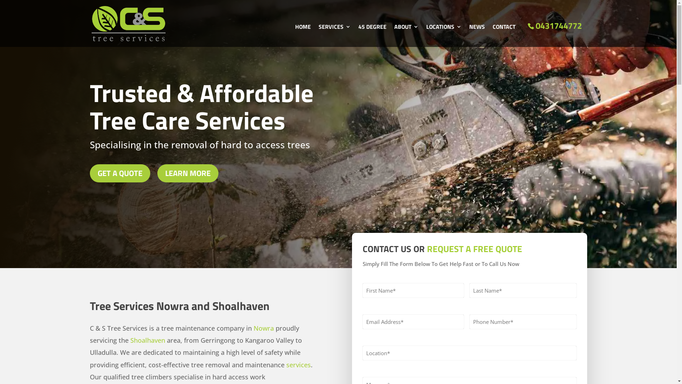 The image size is (682, 384). I want to click on 'NEWS', so click(469, 36).